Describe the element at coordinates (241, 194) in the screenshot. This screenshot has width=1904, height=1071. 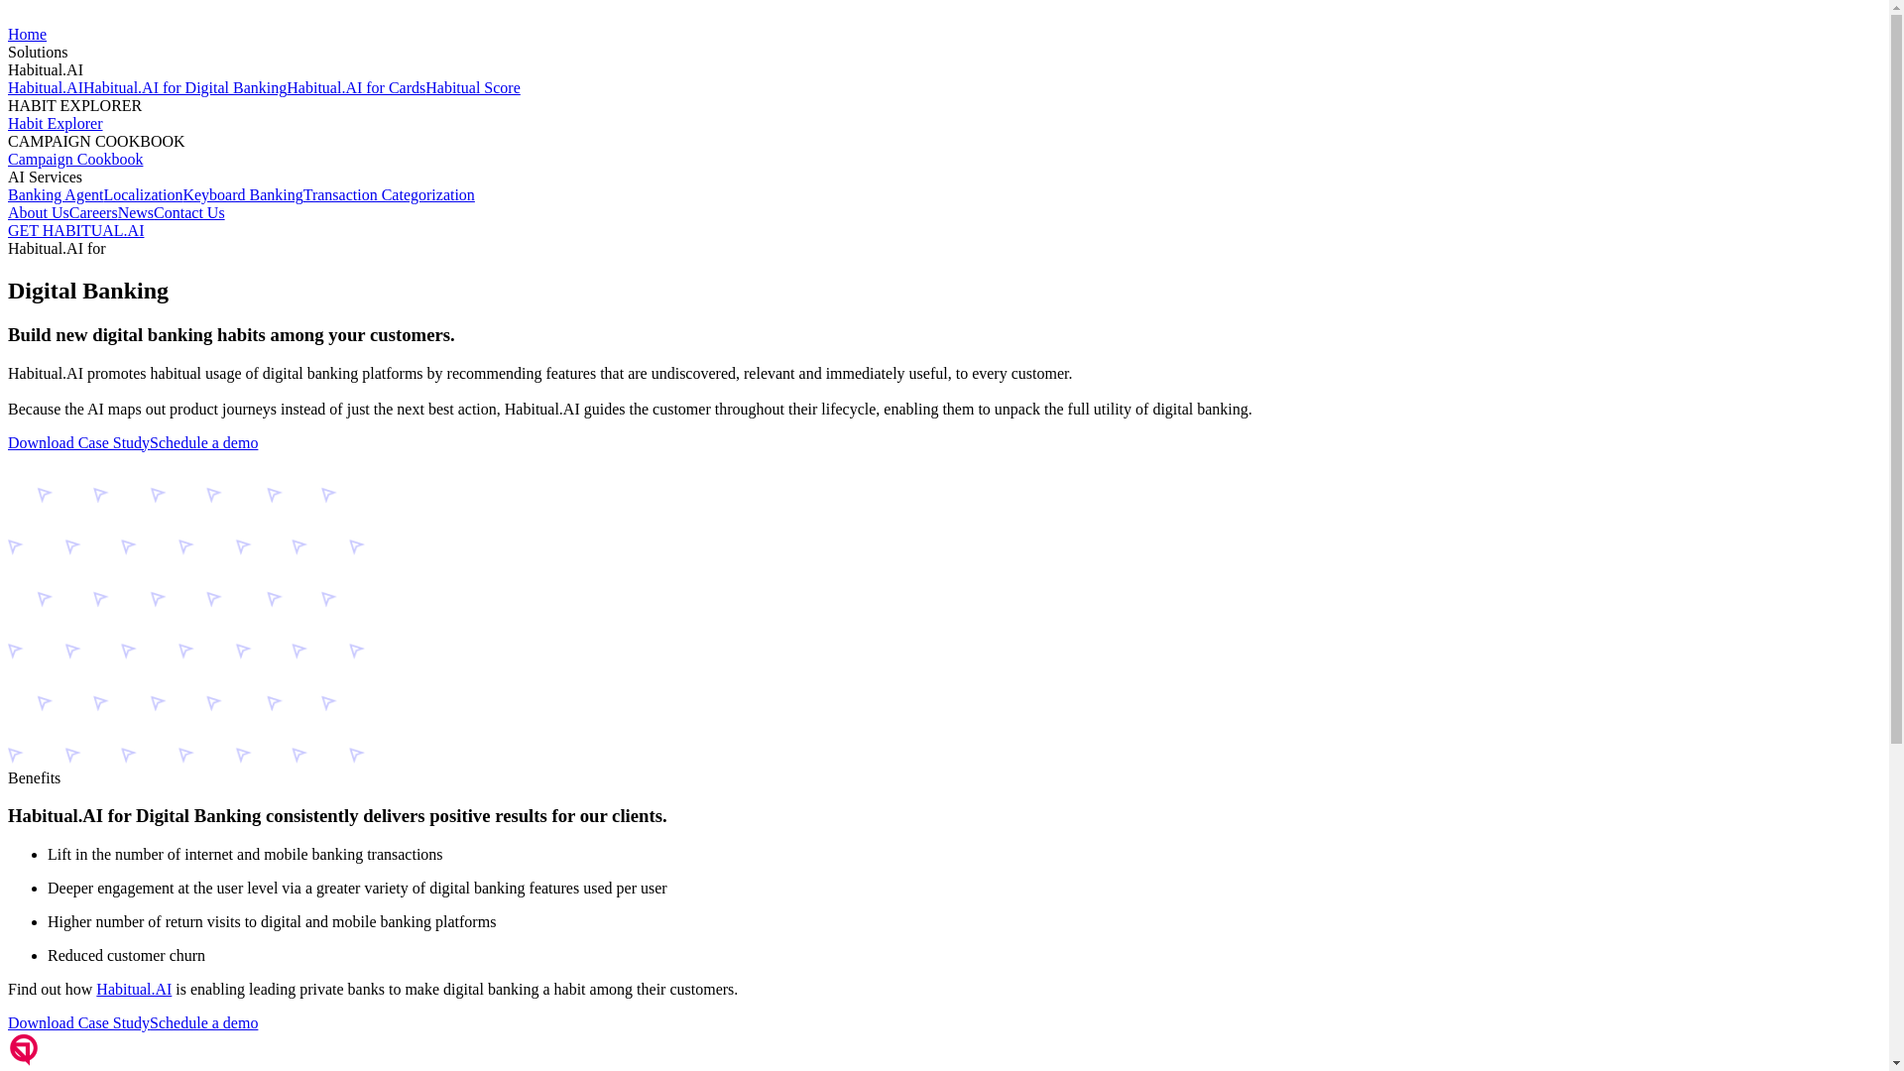
I see `'Keyboard Banking'` at that location.